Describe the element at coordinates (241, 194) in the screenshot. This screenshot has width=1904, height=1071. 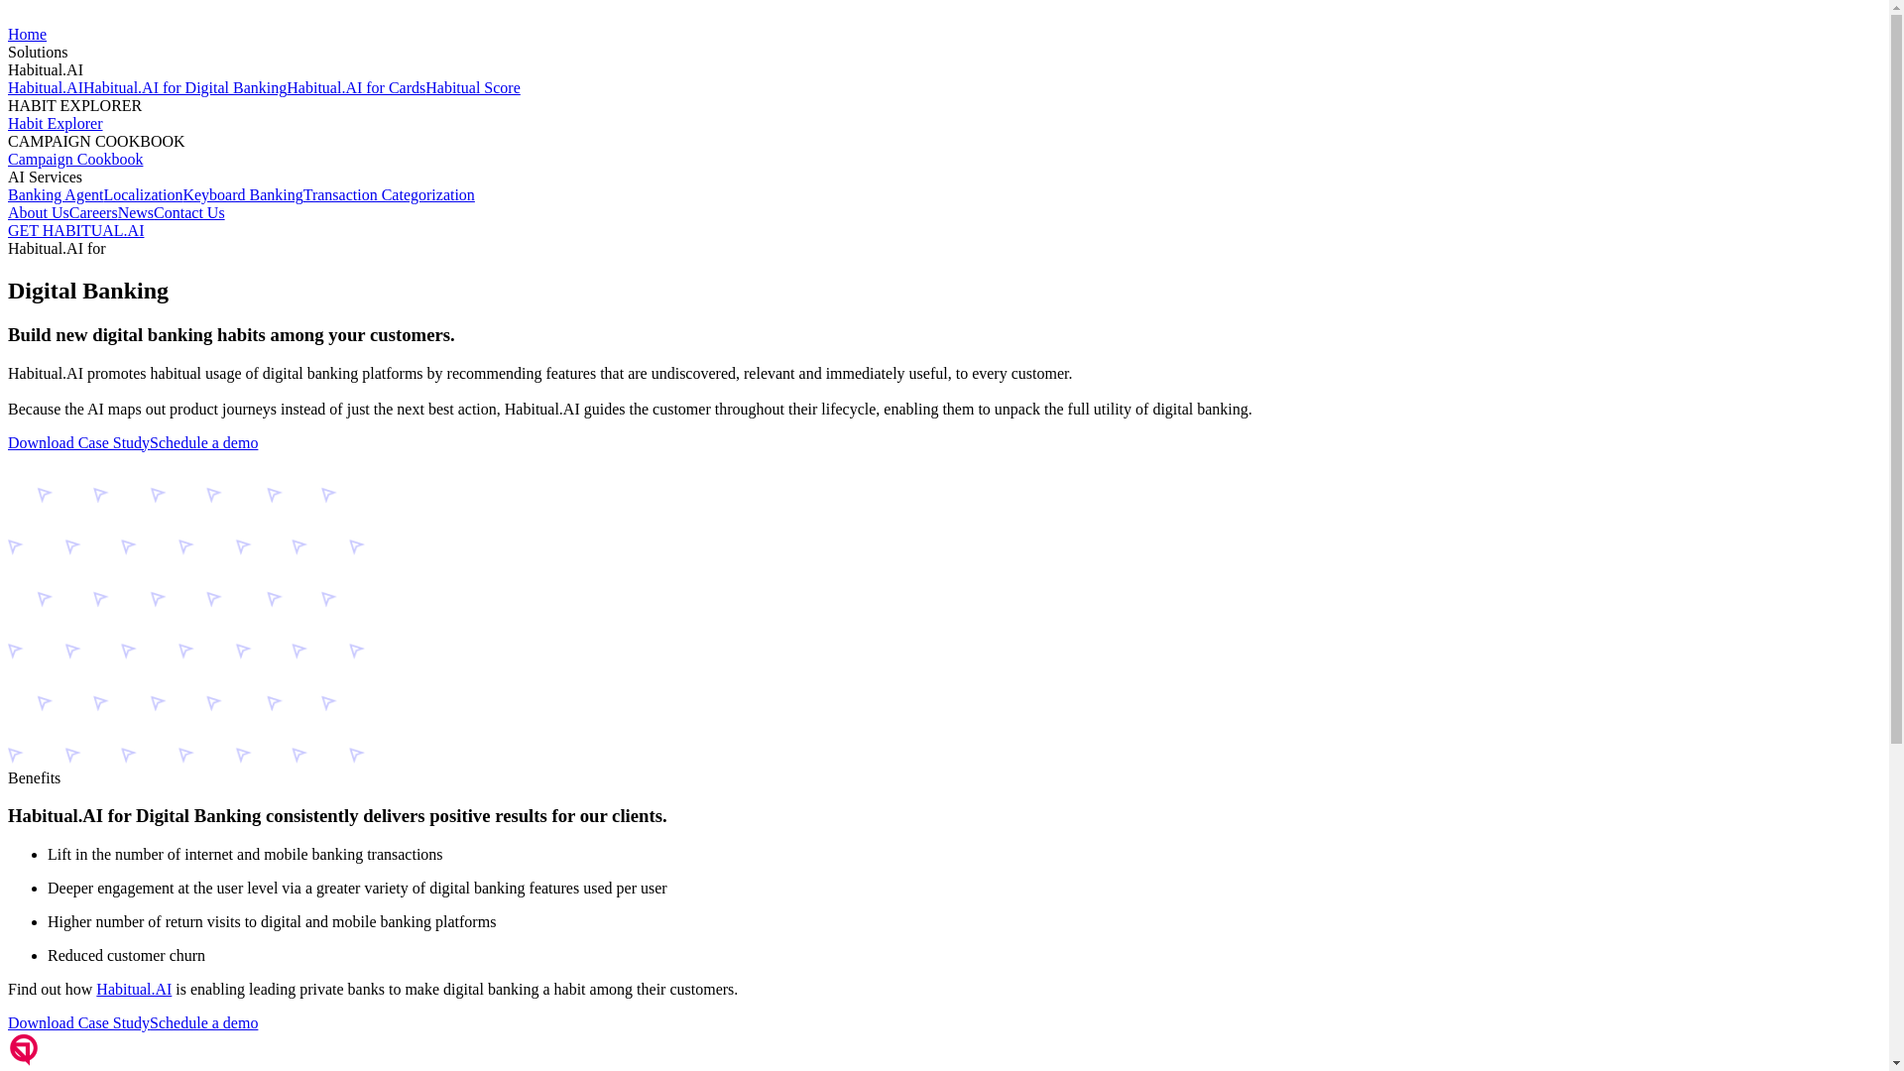
I see `'Keyboard Banking'` at that location.